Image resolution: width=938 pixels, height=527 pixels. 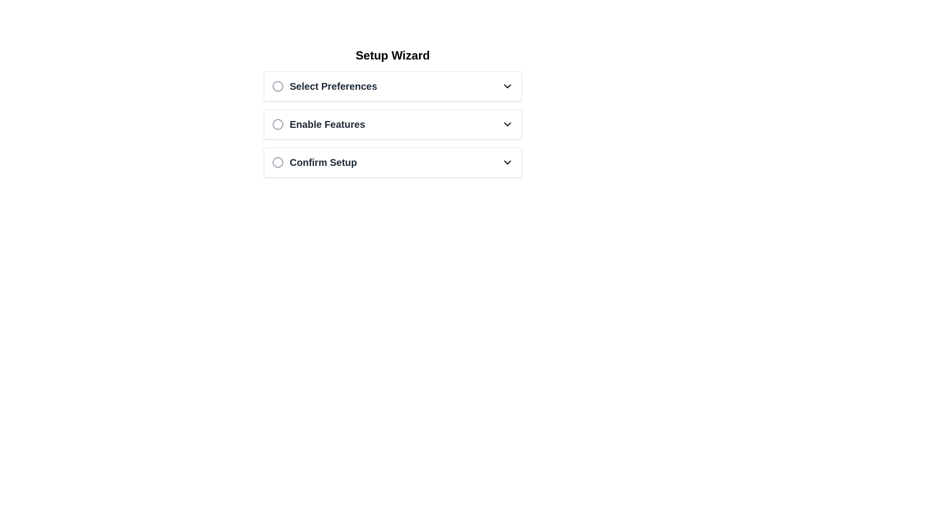 I want to click on the interactive list item labeled 'Enable Features' in the setup wizard, so click(x=393, y=123).